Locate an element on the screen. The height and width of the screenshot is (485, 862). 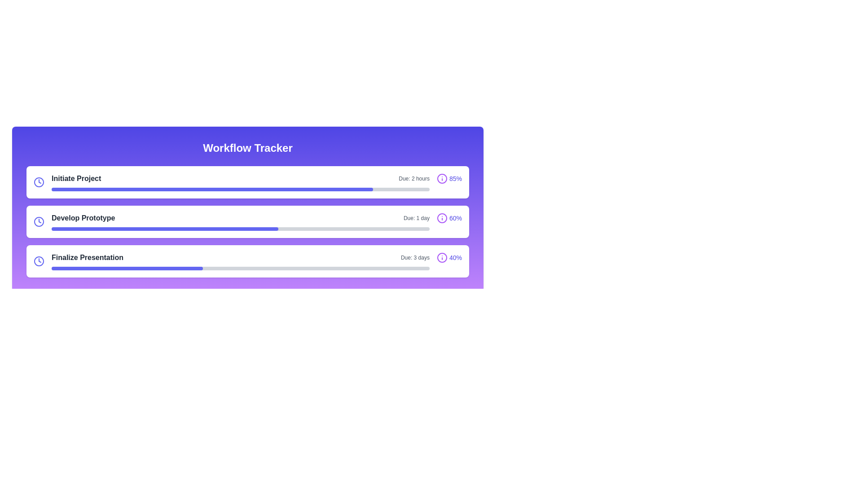
the leftmost icon within the 'Initiate Project' card, which serves as a visual indicator for the task 'Initiate Project' is located at coordinates (38, 182).